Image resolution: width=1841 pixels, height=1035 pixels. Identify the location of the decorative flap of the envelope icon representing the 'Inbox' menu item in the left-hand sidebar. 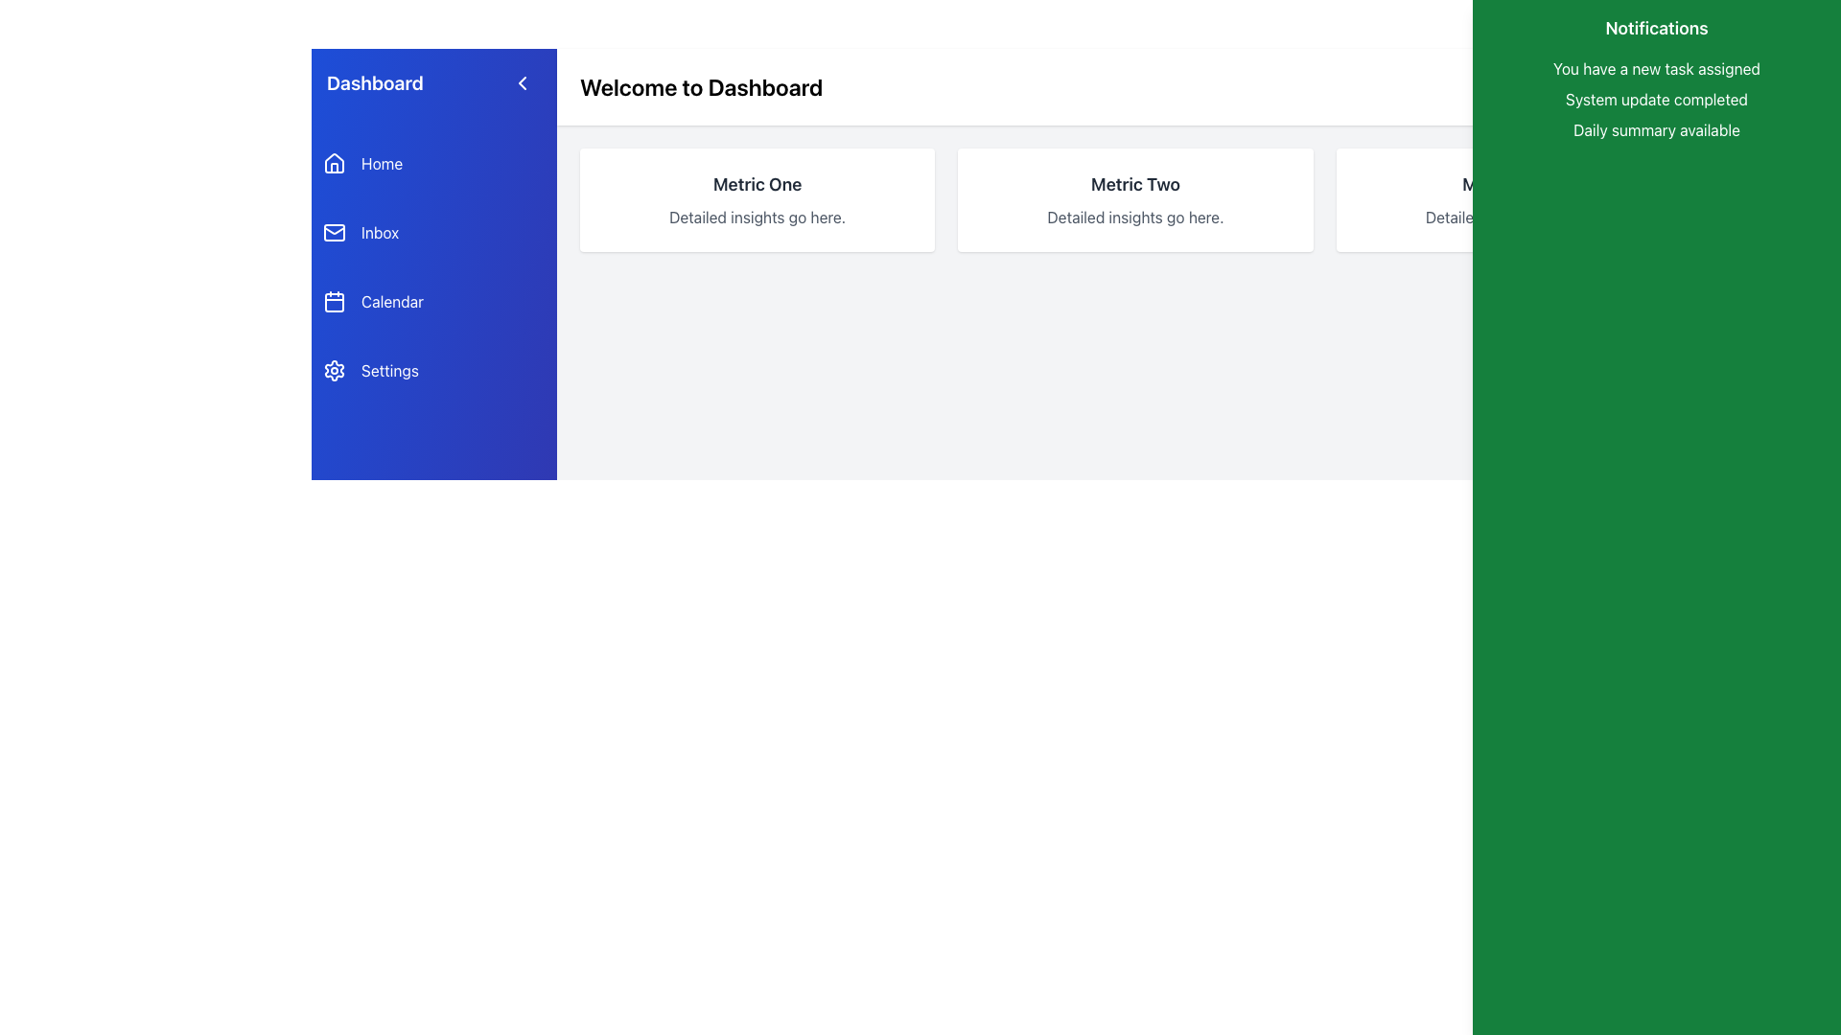
(335, 228).